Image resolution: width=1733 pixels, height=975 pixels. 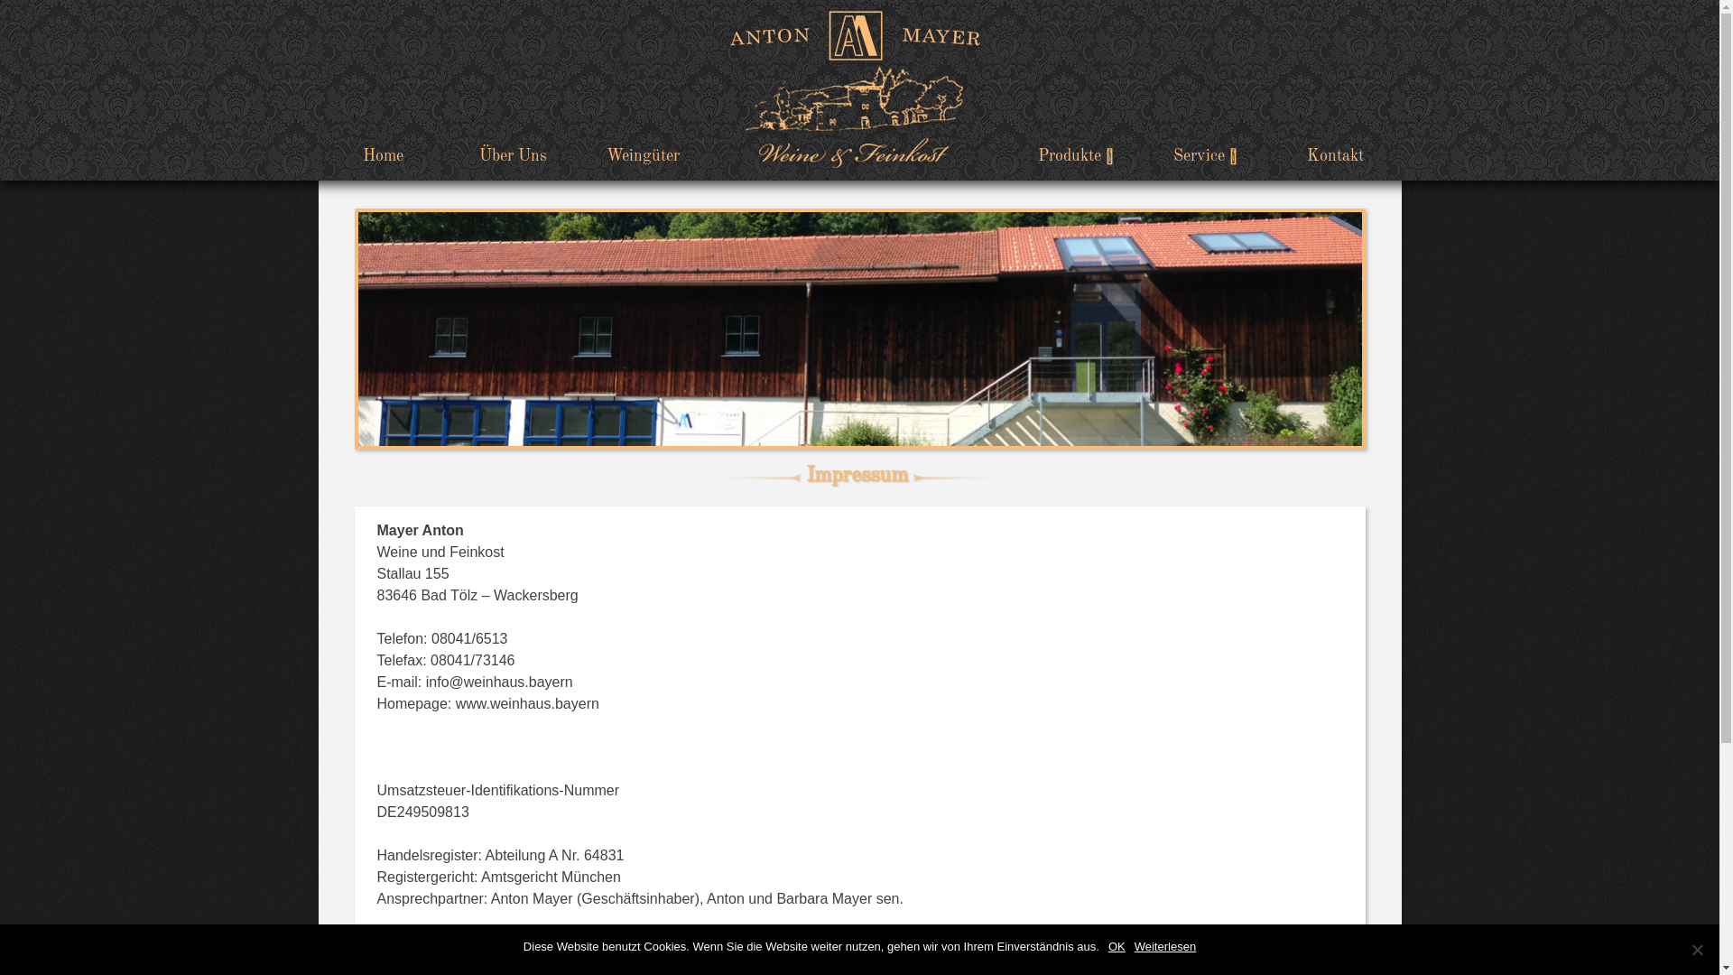 What do you see at coordinates (1165, 946) in the screenshot?
I see `'Weiterlesen'` at bounding box center [1165, 946].